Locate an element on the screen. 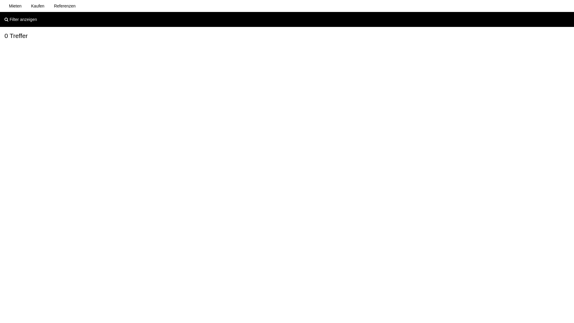  'Referenzen' is located at coordinates (65, 6).